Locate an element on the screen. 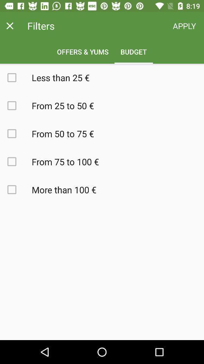 Image resolution: width=204 pixels, height=364 pixels. to cancel is located at coordinates (9, 26).